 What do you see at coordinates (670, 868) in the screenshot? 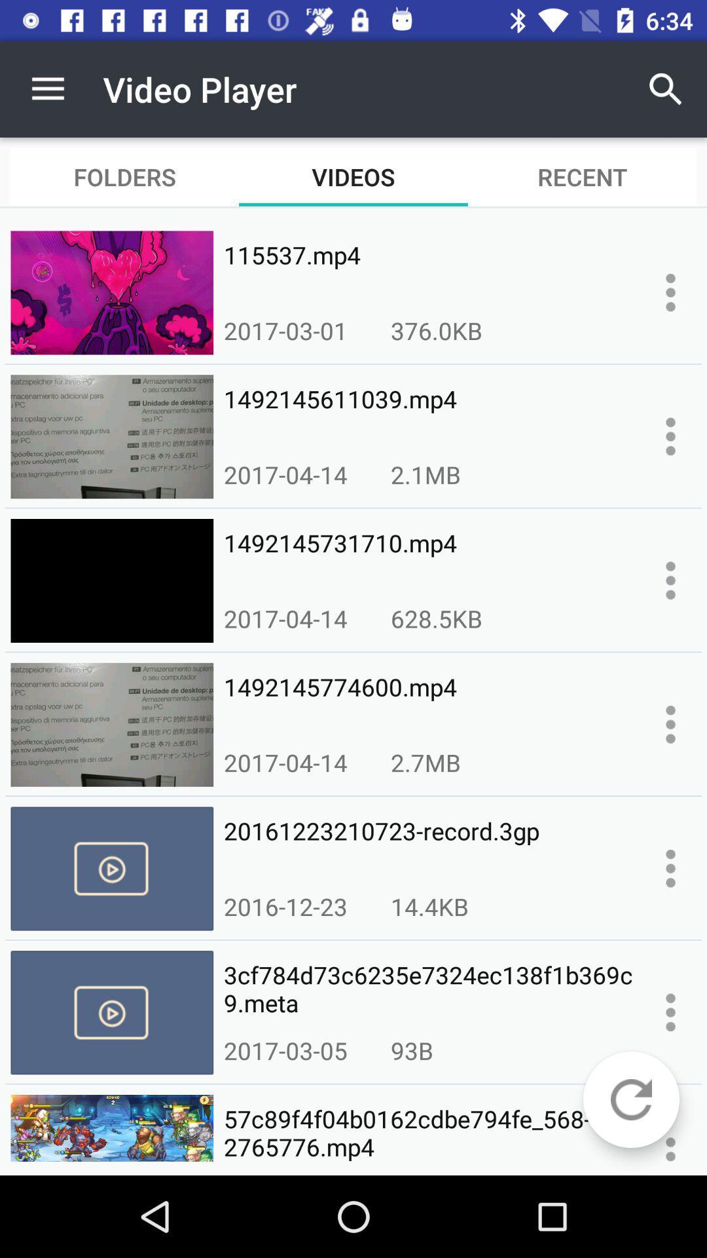
I see `acces app settings` at bounding box center [670, 868].